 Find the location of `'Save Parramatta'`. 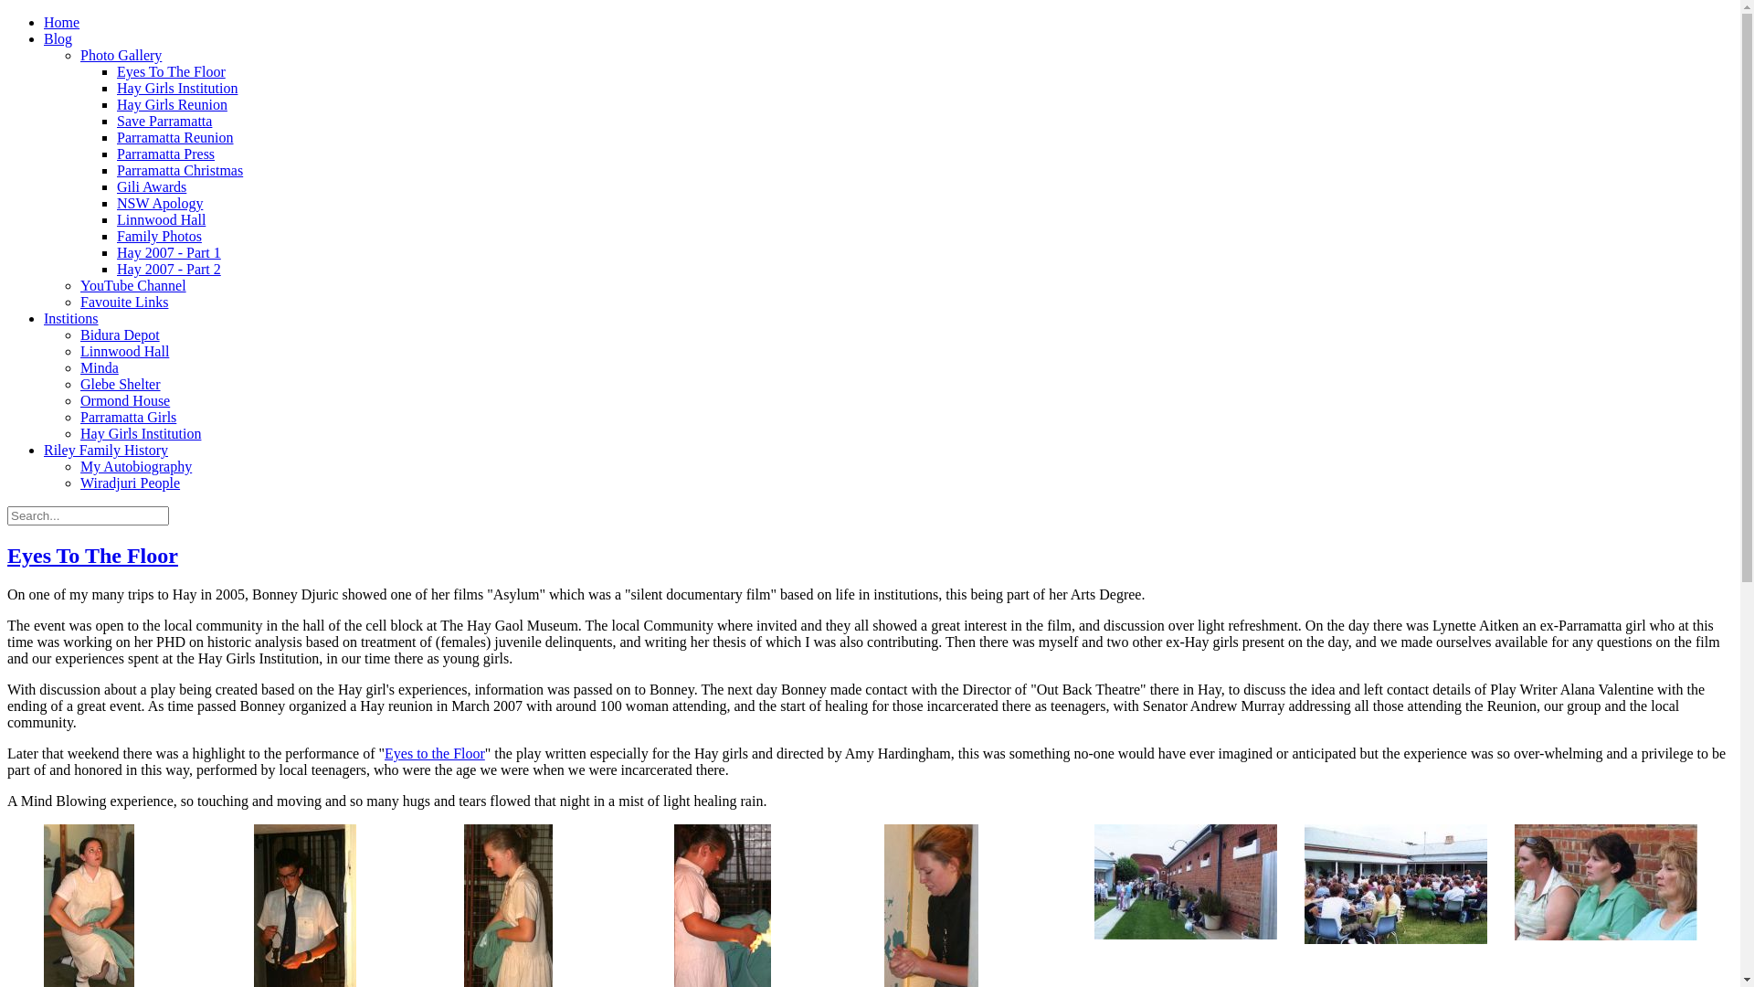

'Save Parramatta' is located at coordinates (116, 121).